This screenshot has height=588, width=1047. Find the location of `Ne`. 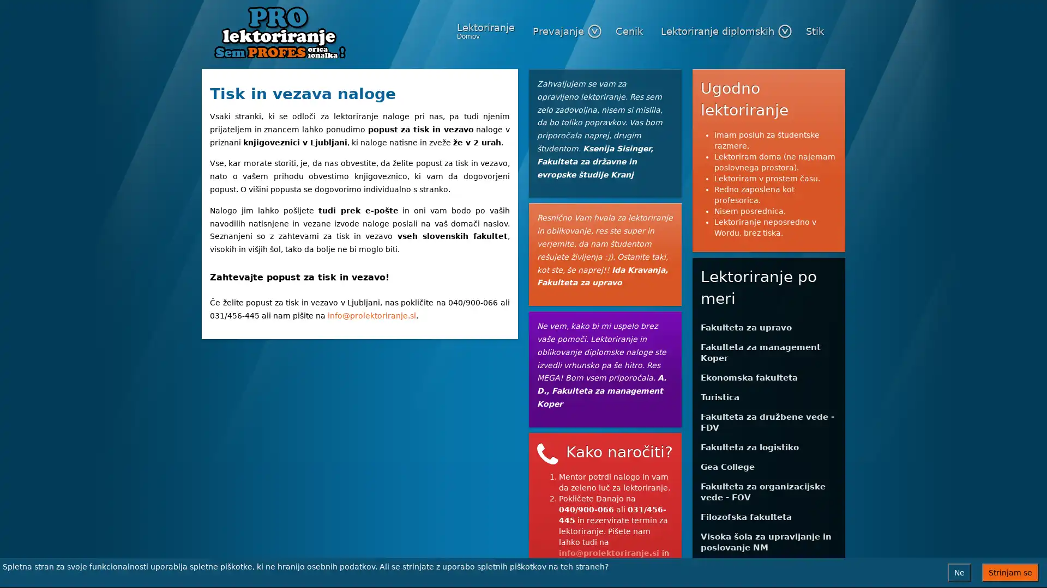

Ne is located at coordinates (959, 572).